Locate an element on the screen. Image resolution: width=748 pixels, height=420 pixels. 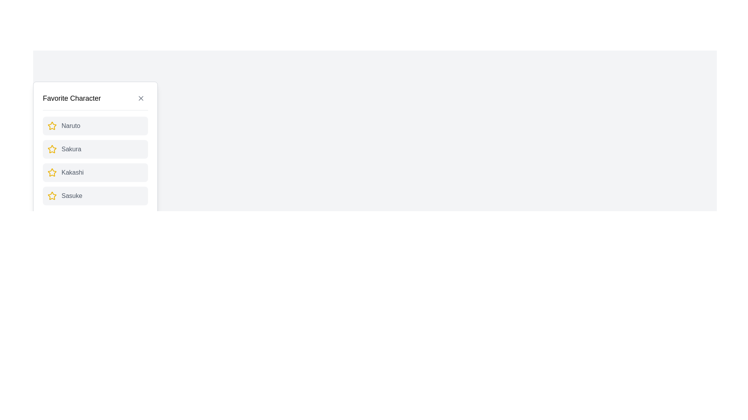
the 'Kakashi' button, which is the third button in the 'Favorite Character' list is located at coordinates (95, 172).